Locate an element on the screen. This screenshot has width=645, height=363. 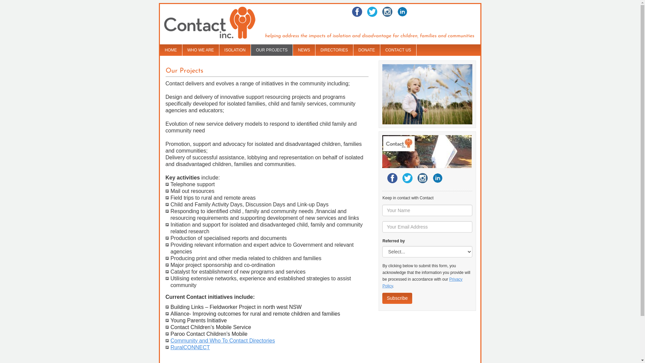
'LinkedIn' is located at coordinates (437, 177).